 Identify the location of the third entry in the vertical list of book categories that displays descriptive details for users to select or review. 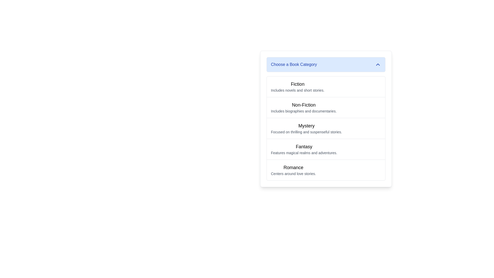
(326, 128).